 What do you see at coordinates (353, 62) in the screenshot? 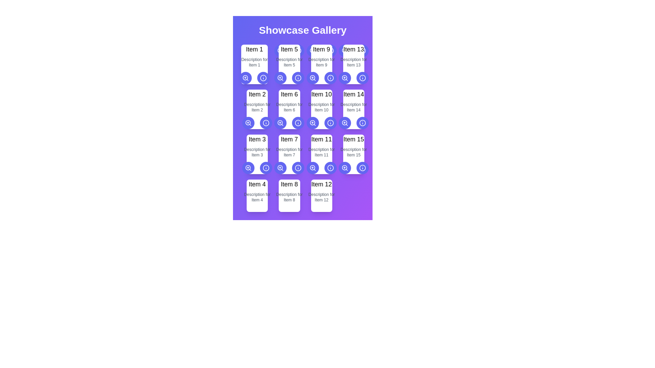
I see `descriptive text label located in the fourth row and fourth column of the grid layout under 'Item 13', positioned below the title` at bounding box center [353, 62].